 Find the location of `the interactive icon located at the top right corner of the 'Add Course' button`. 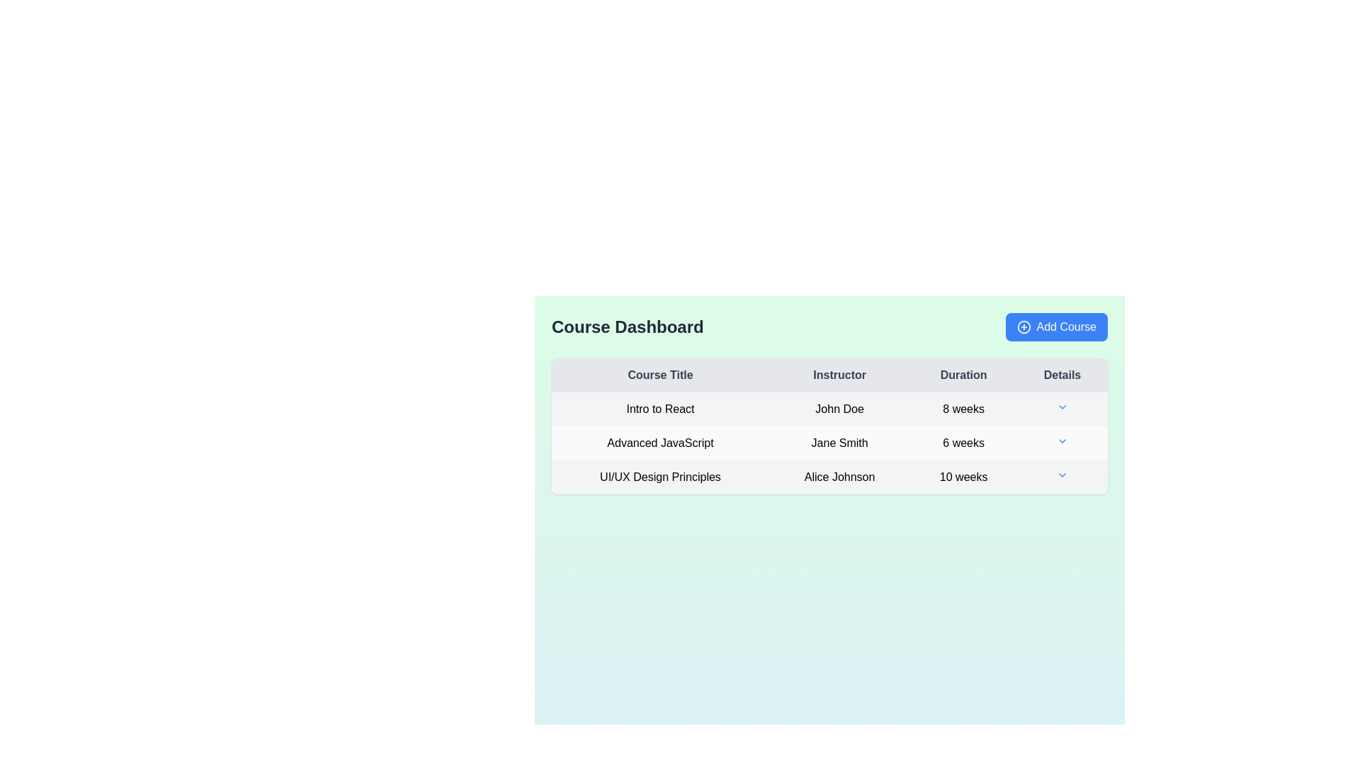

the interactive icon located at the top right corner of the 'Add Course' button is located at coordinates (1024, 327).